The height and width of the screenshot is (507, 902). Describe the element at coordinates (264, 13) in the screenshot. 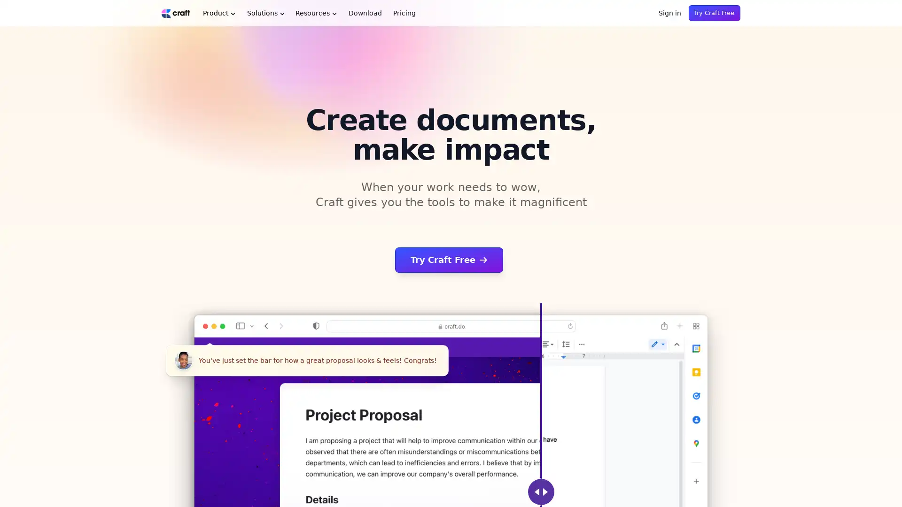

I see `Solutions` at that location.